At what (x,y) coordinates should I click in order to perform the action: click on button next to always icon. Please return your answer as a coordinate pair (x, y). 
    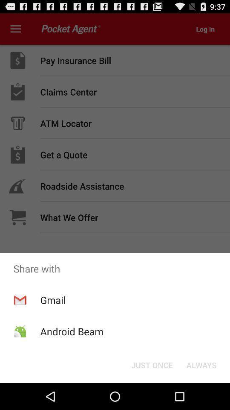
    Looking at the image, I should click on (152, 364).